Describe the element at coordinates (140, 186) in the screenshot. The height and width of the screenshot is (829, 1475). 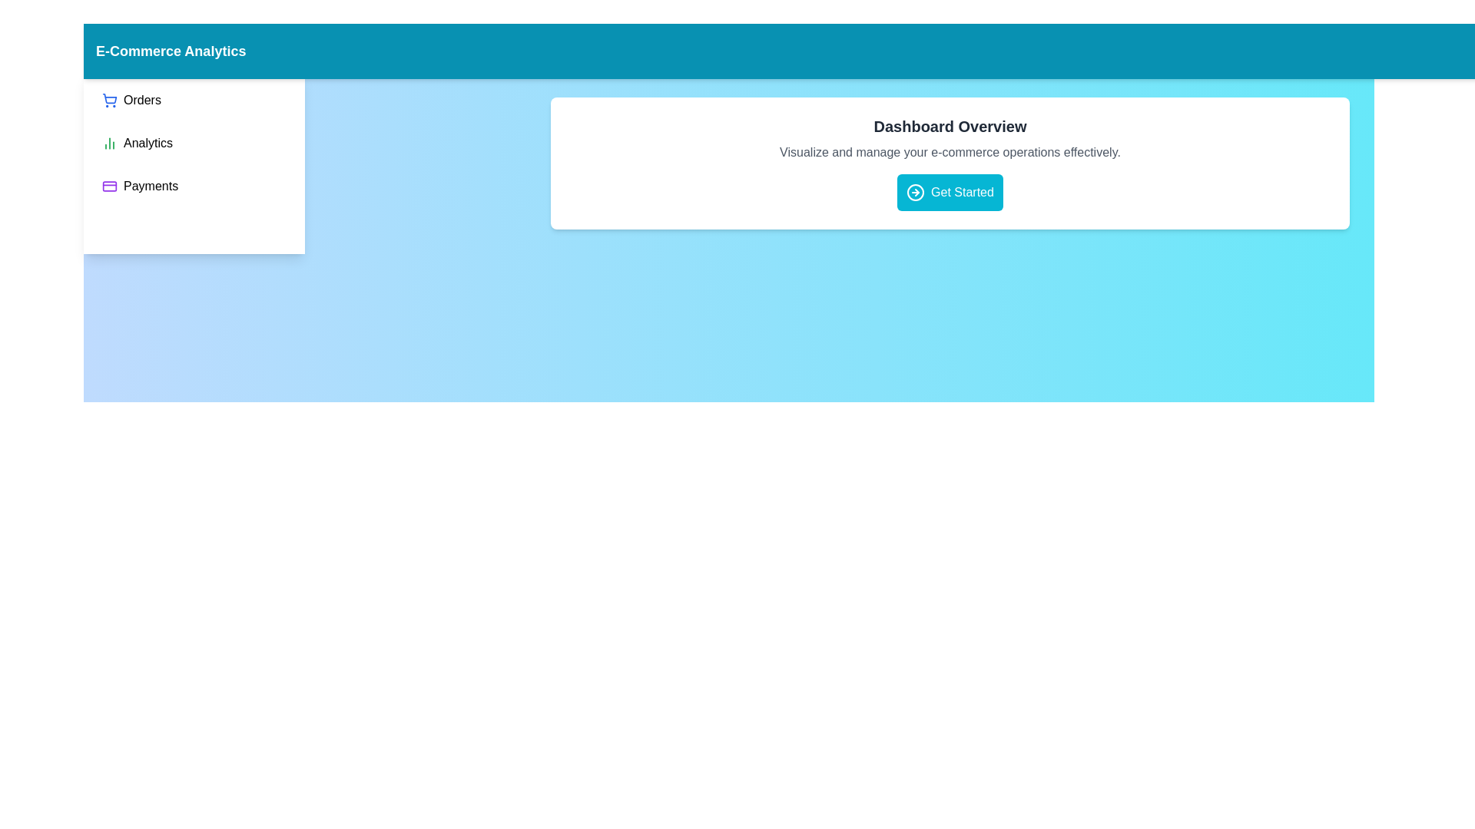
I see `the 'Payments' menu item in the navigation menu, which features a purple credit card icon and black text` at that location.